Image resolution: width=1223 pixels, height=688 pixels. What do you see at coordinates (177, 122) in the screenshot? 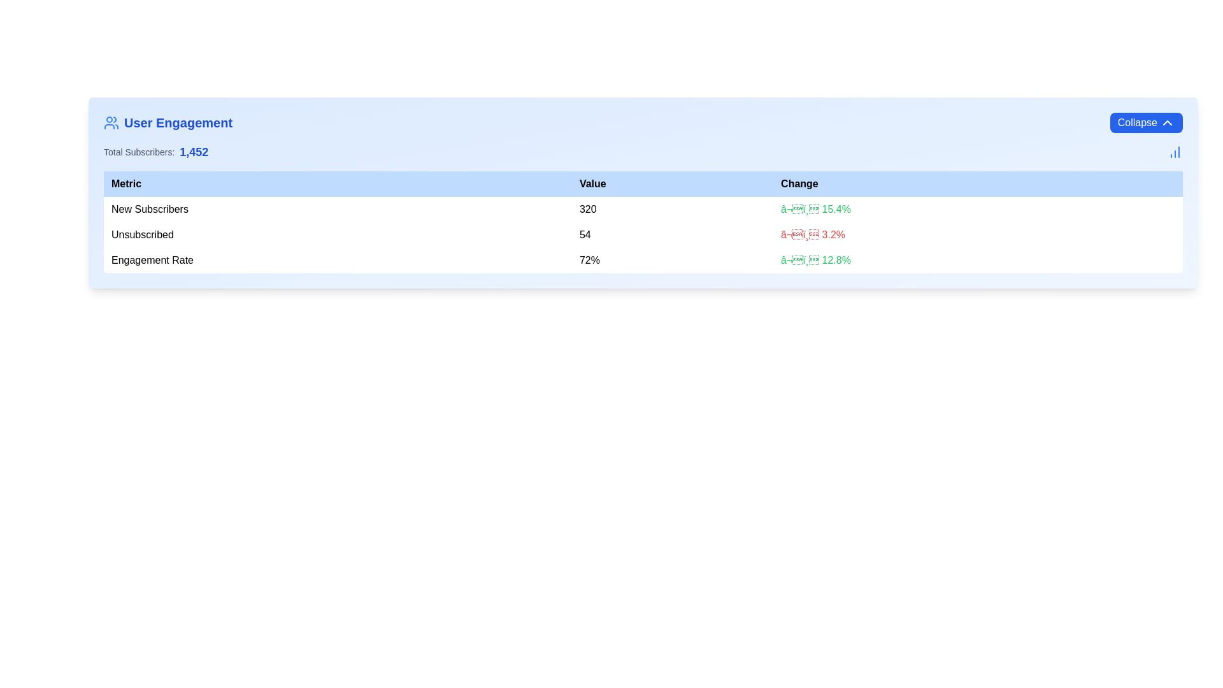
I see `text label indicating 'User Engagement' located at the top-left corner of the card, next to the user group icon` at bounding box center [177, 122].